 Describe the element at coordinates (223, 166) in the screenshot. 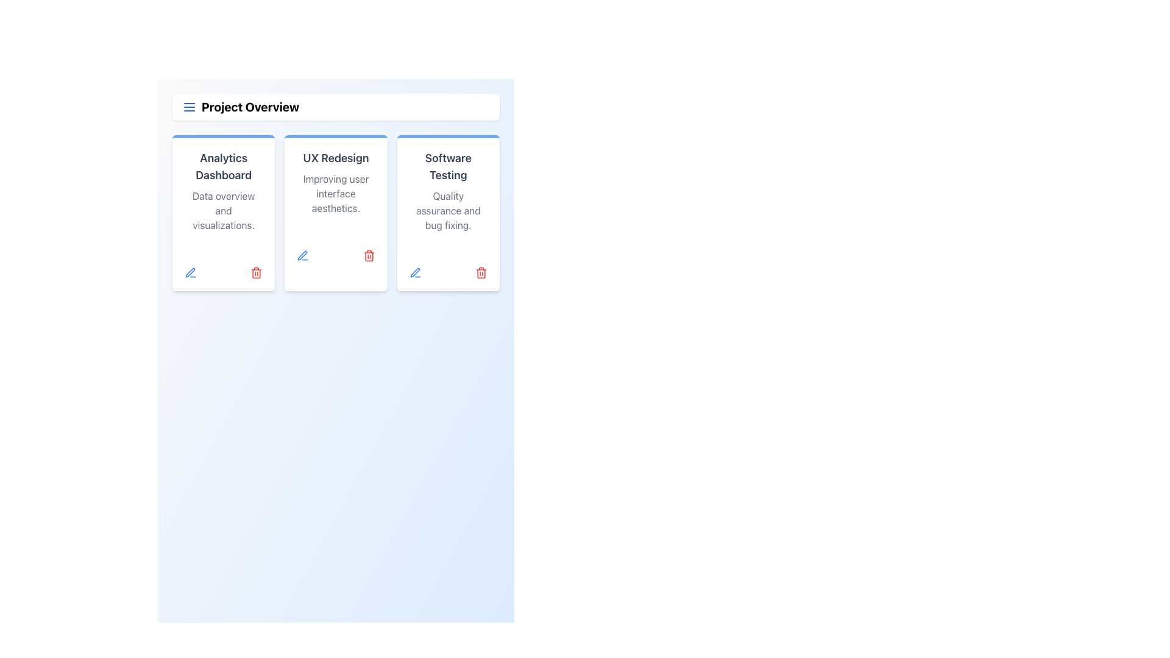

I see `the 'Analytics Dashboard' text label` at that location.